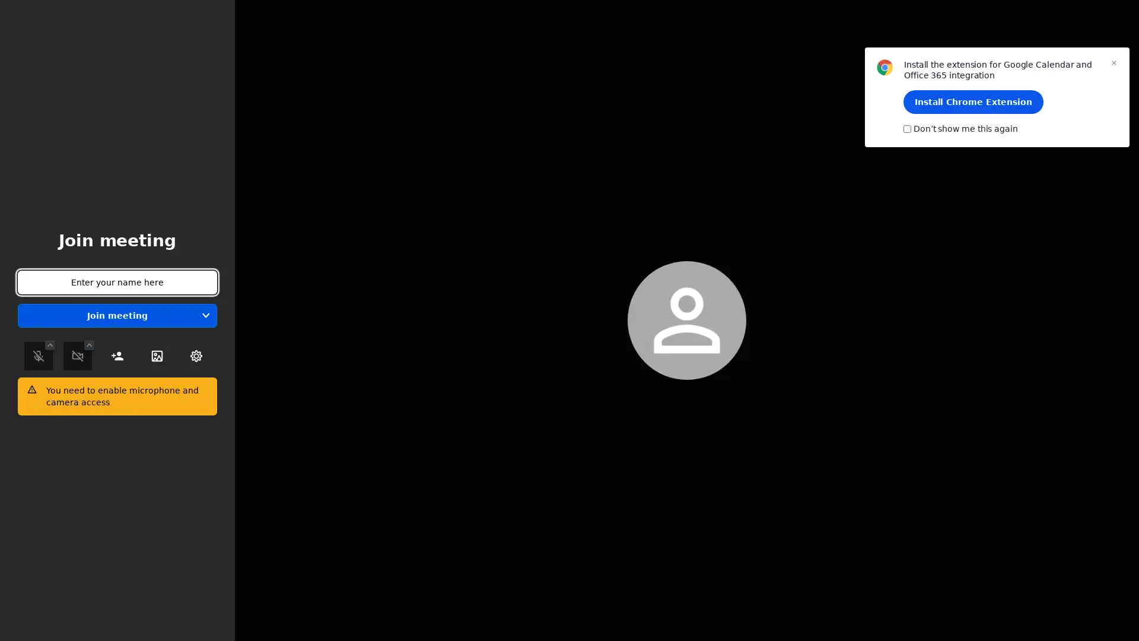  I want to click on Select Background, so click(156, 356).